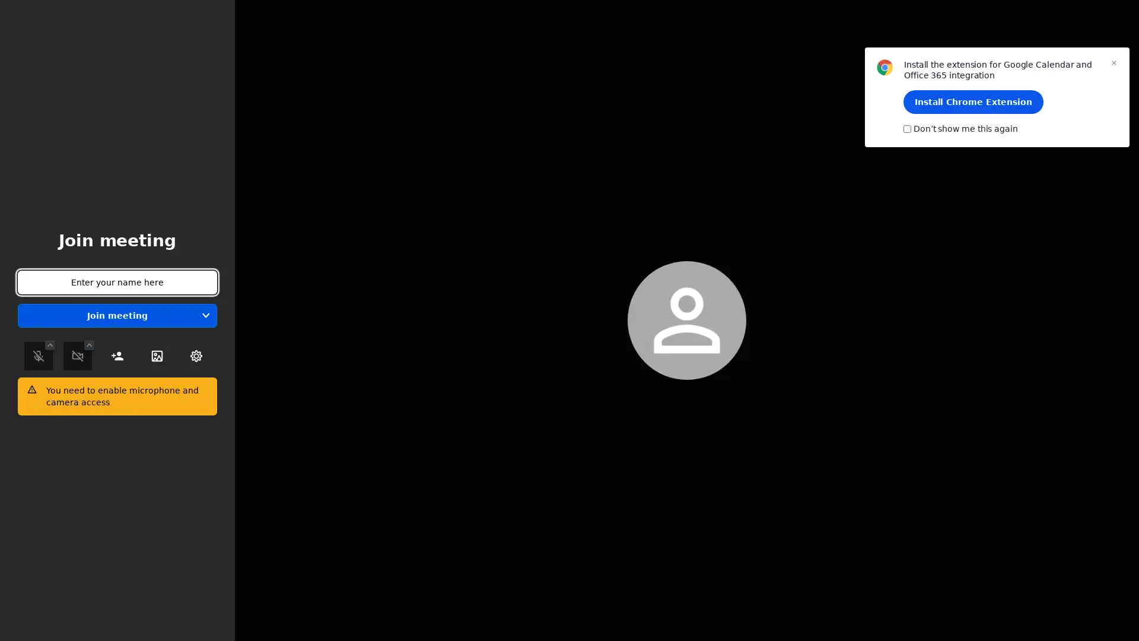  I want to click on Select Background, so click(156, 356).